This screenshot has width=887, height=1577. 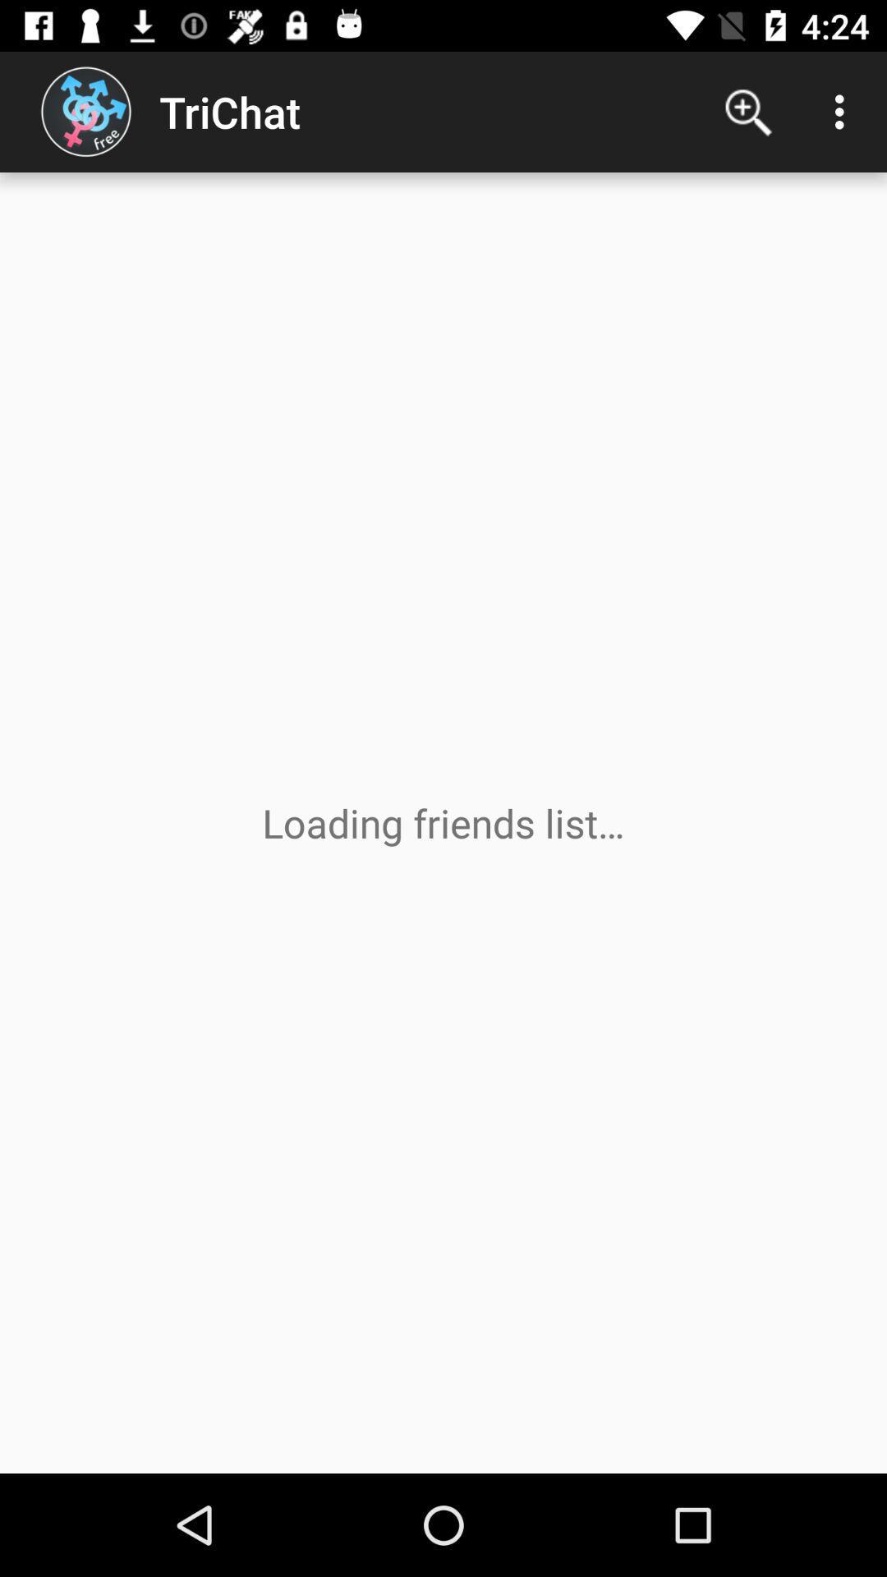 What do you see at coordinates (748, 111) in the screenshot?
I see `app to the right of trichat item` at bounding box center [748, 111].